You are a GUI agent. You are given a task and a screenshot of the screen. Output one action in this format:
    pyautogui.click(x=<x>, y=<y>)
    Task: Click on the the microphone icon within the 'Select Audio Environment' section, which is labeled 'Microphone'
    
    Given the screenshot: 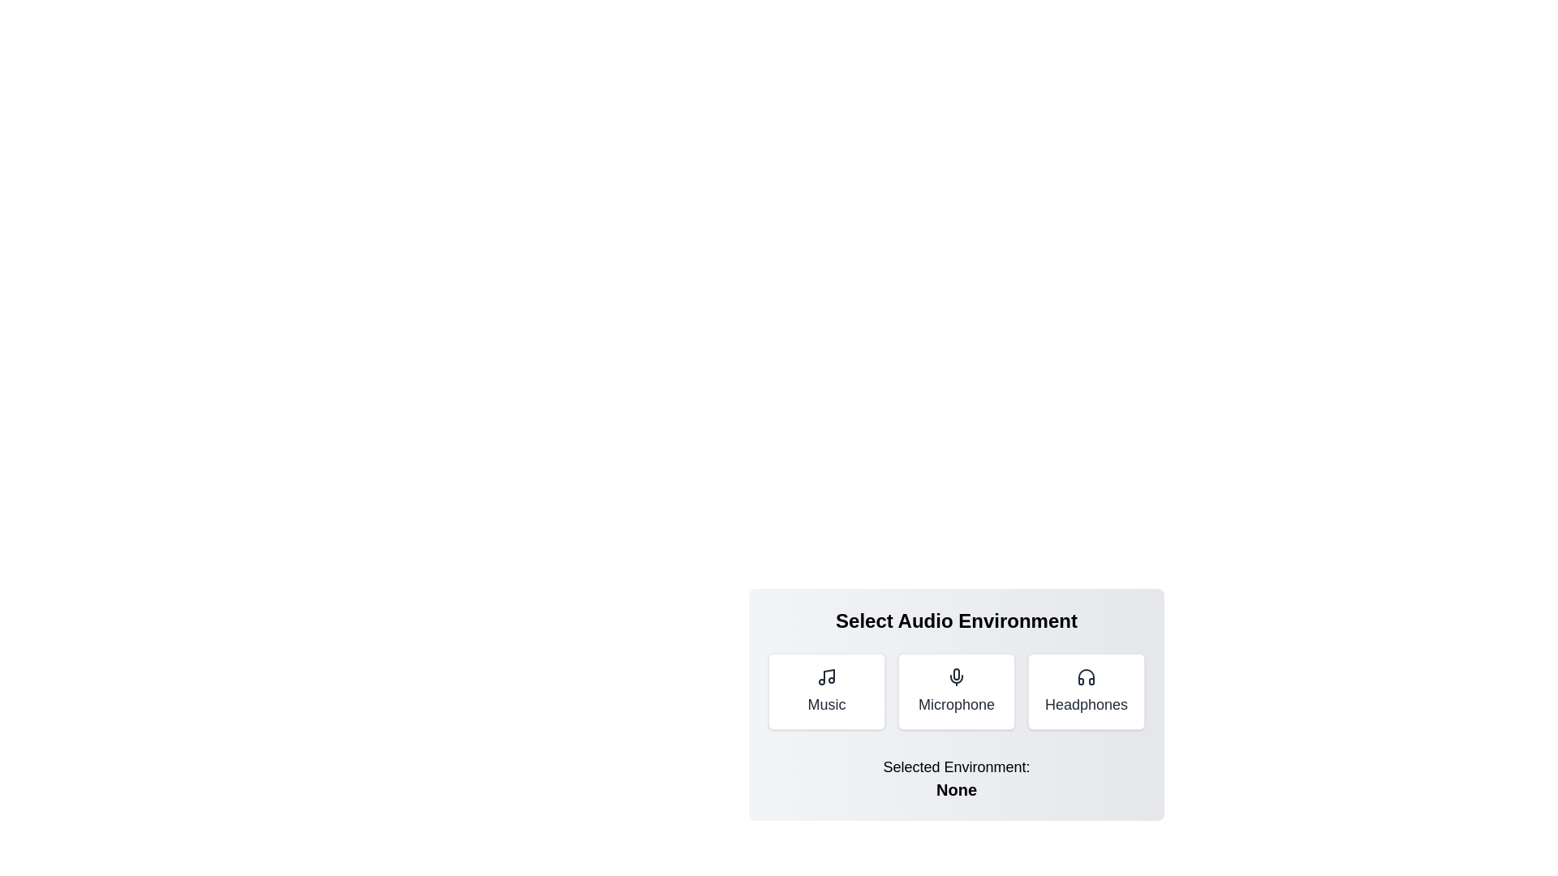 What is the action you would take?
    pyautogui.click(x=957, y=676)
    